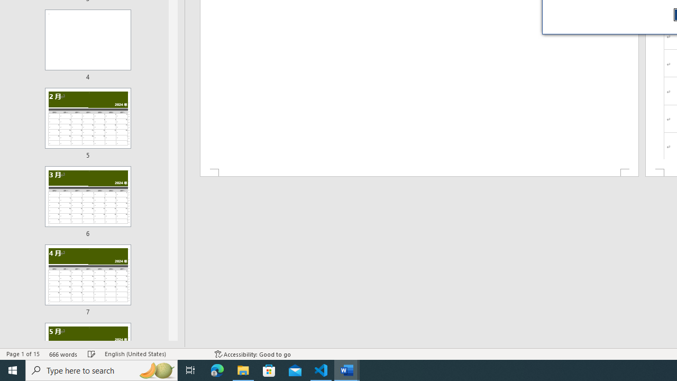  Describe the element at coordinates (102, 369) in the screenshot. I see `'Type here to search'` at that location.